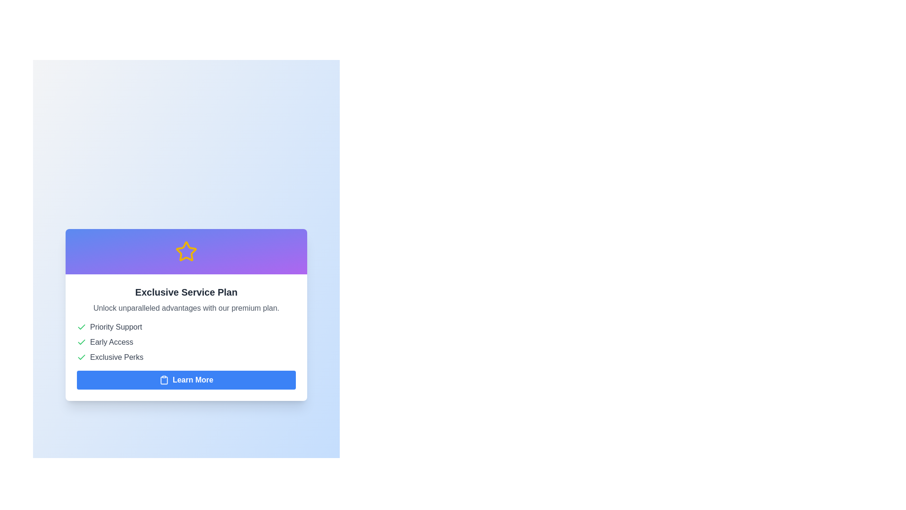  Describe the element at coordinates (164, 380) in the screenshot. I see `the clipboard icon located to the left of the 'Learn More' button within the blue rectangular button at the bottom of the card` at that location.